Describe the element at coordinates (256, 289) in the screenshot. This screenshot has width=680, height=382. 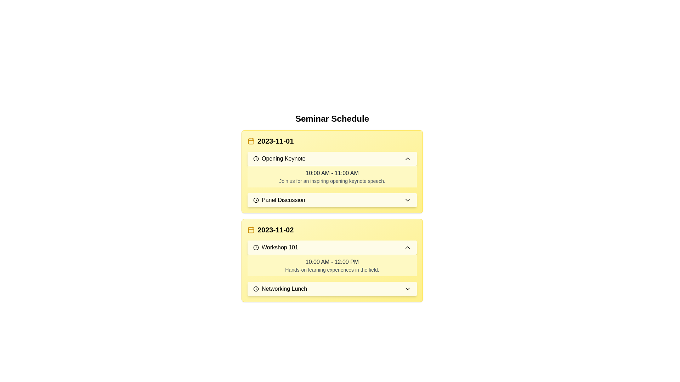
I see `the clock icon indicating the scheduled time for the 'Networking Lunch' event, which is visually aligned to the left of the event label` at that location.